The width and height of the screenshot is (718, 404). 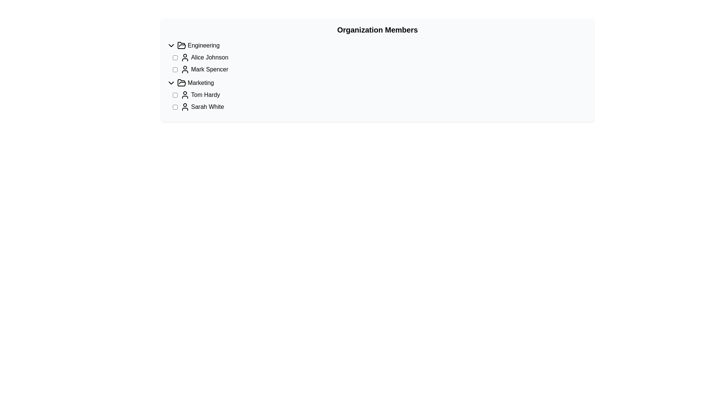 I want to click on the User profile icon located to the left of the text 'Tom Hardy', so click(x=185, y=95).